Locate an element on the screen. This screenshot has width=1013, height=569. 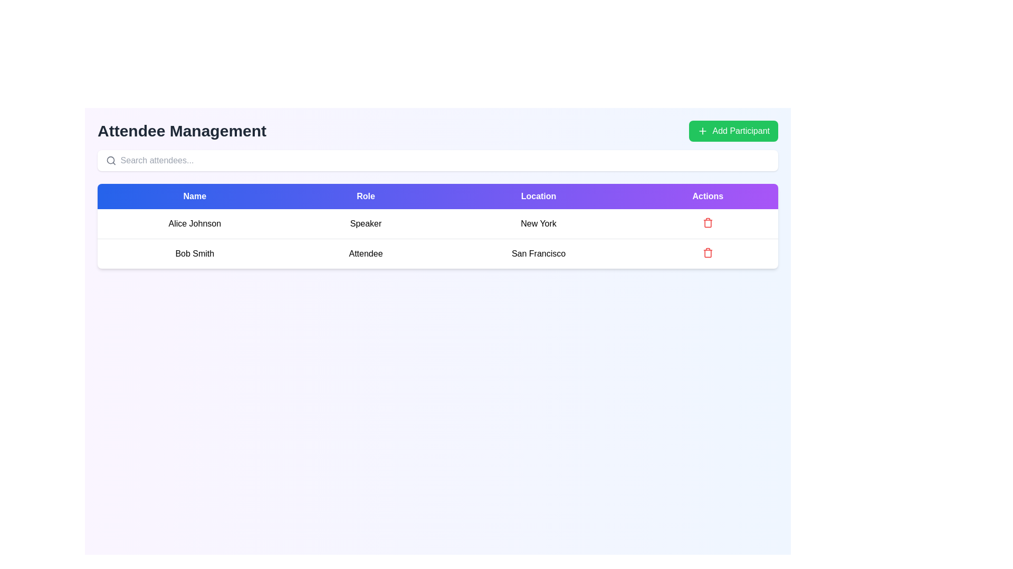
the 'Add Participant' button, which is a green rectangular button with white text and a plus icon, located towards the top-right corner of the interface is located at coordinates (733, 131).